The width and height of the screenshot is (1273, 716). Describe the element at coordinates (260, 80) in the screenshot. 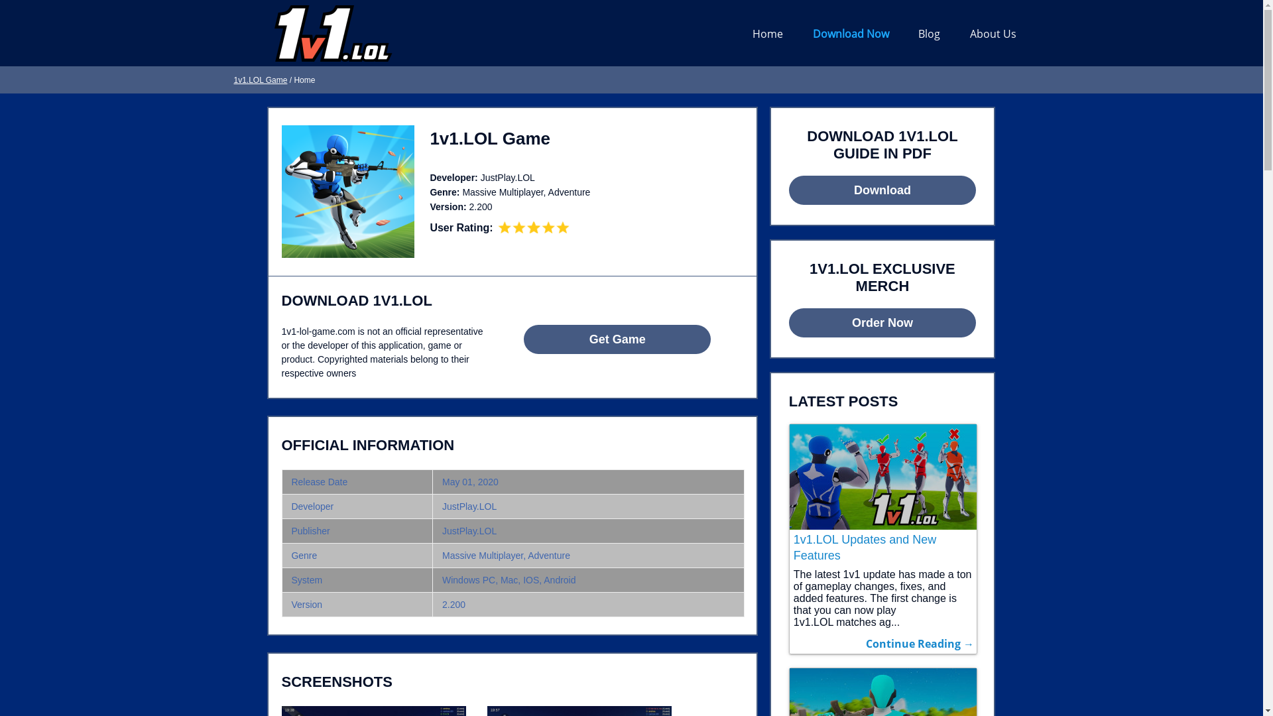

I see `'1v1.LOL Game'` at that location.